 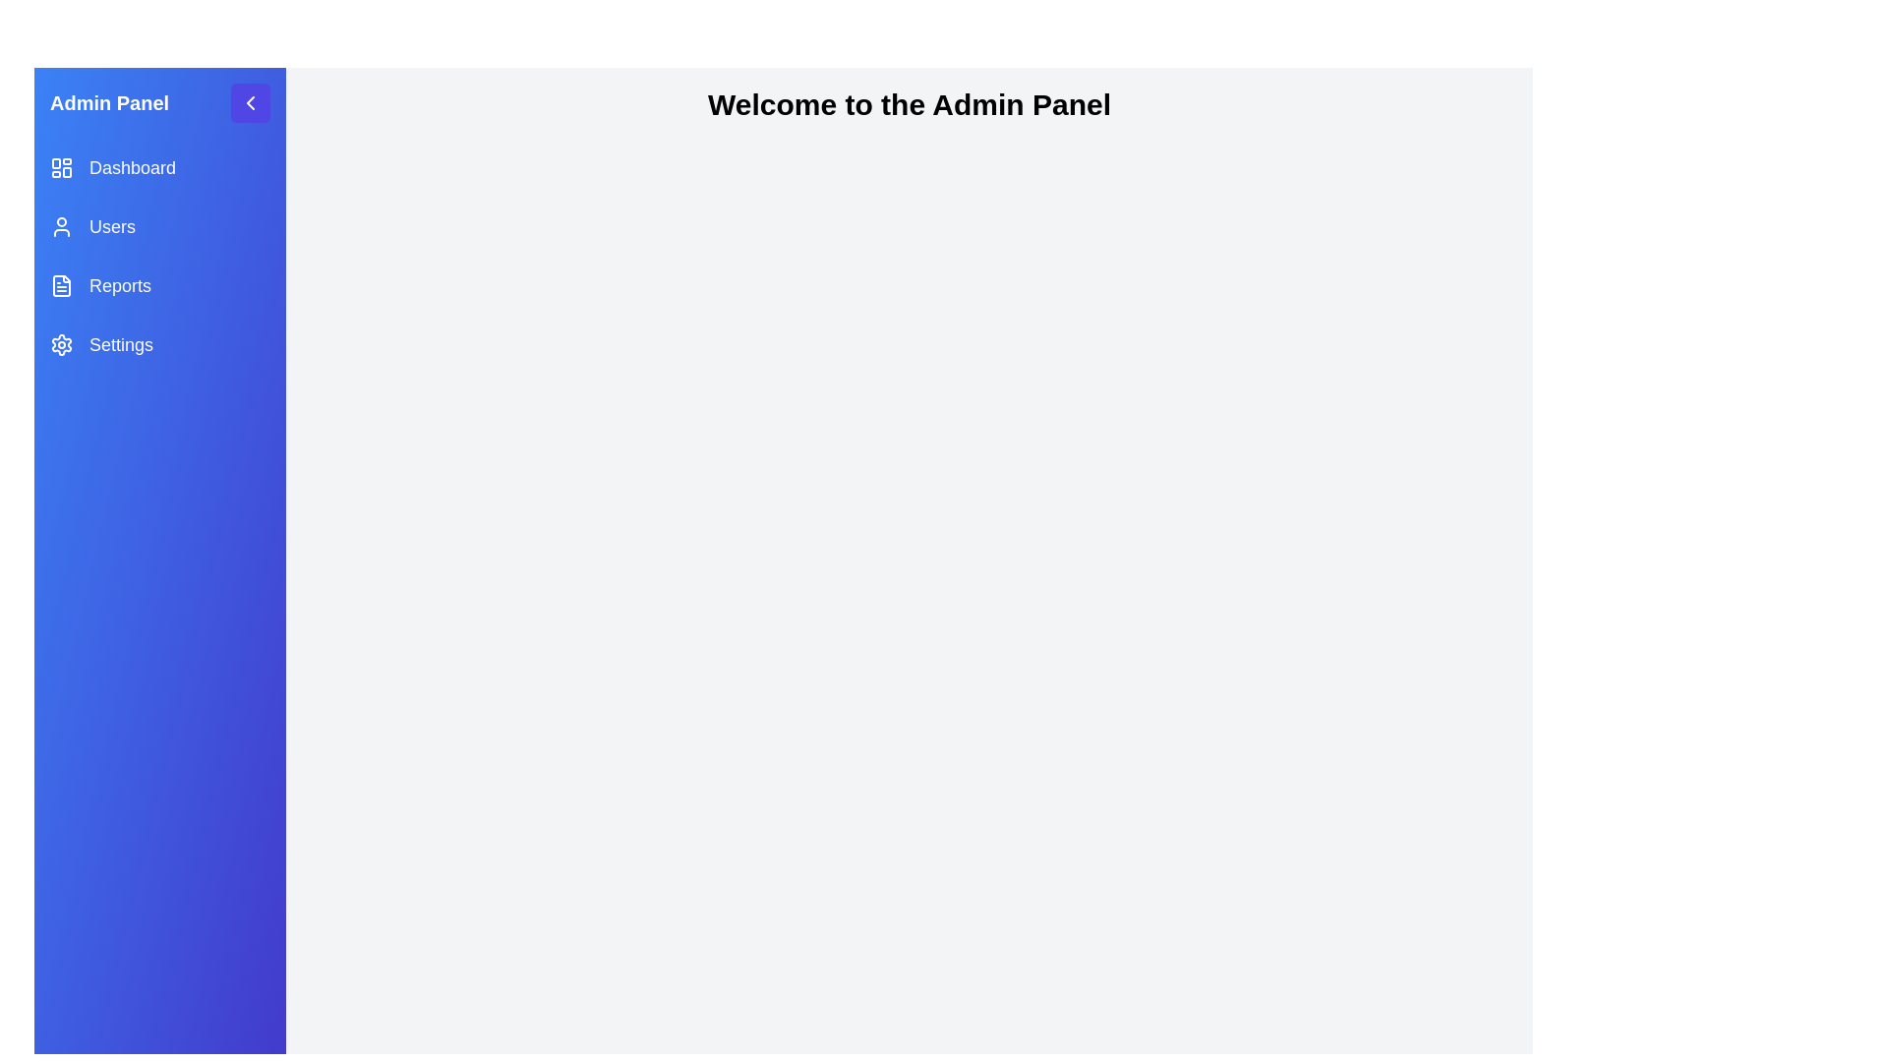 What do you see at coordinates (120, 344) in the screenshot?
I see `'Settings' text label within the navigation menu, which is displayed in white over a blue background, clearly visible and aligned horizontally` at bounding box center [120, 344].